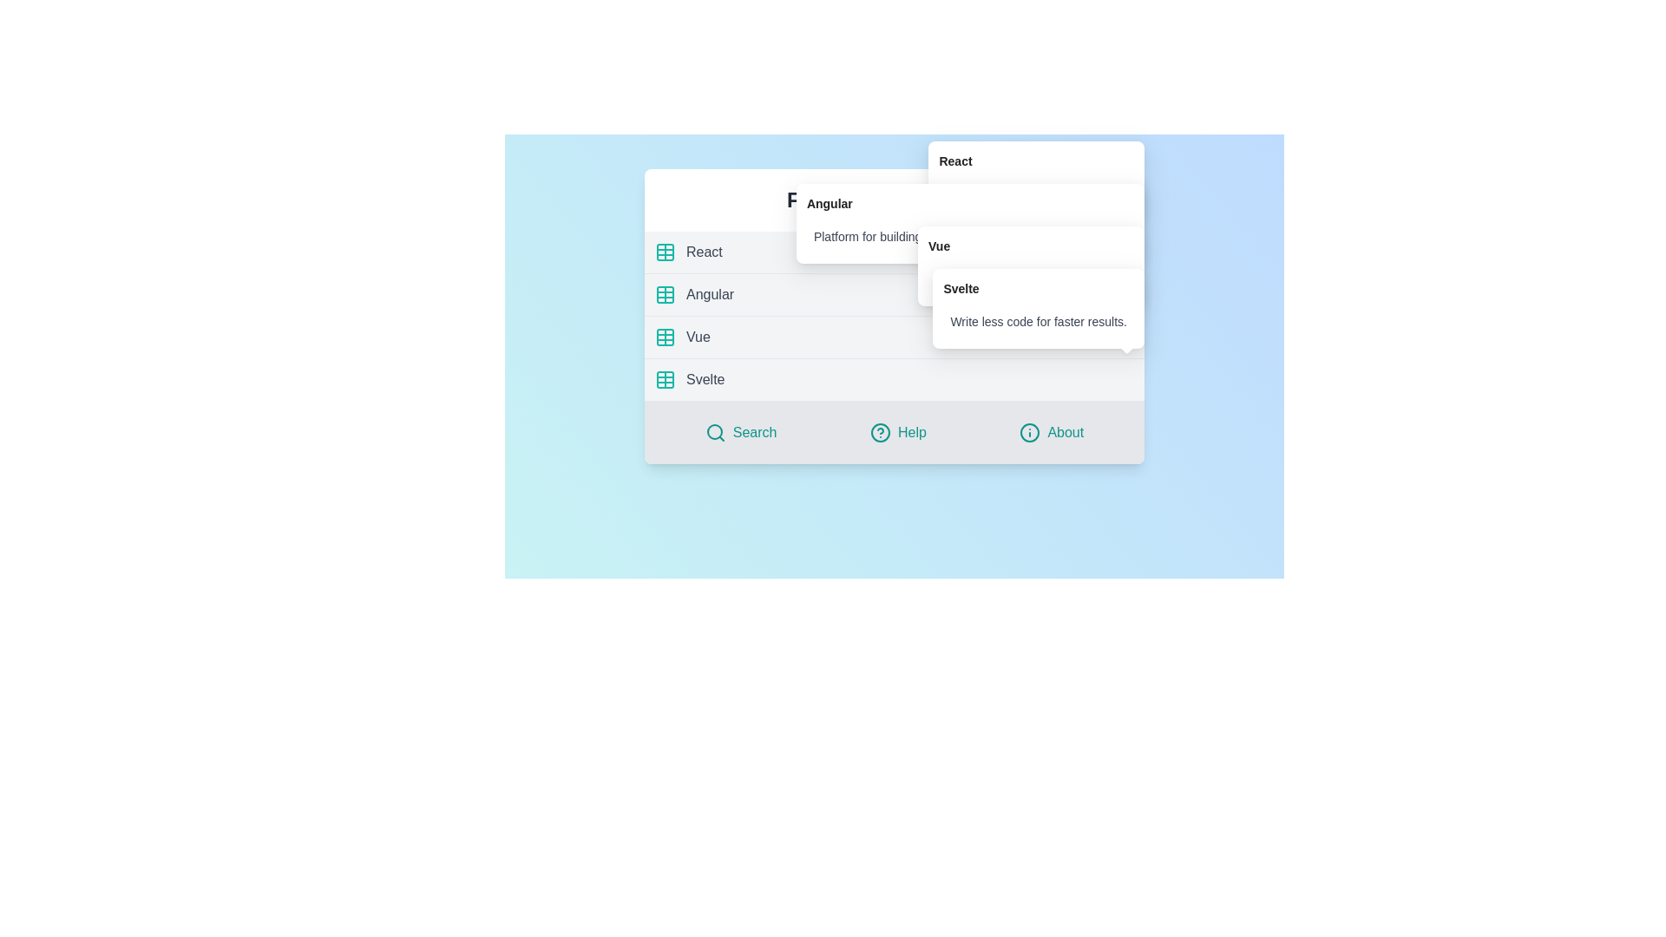  Describe the element at coordinates (665, 337) in the screenshot. I see `the icon located at the leftmost part of the line labeled 'Vue', which serves as a visual identifier for table or grid-related functionality` at that location.